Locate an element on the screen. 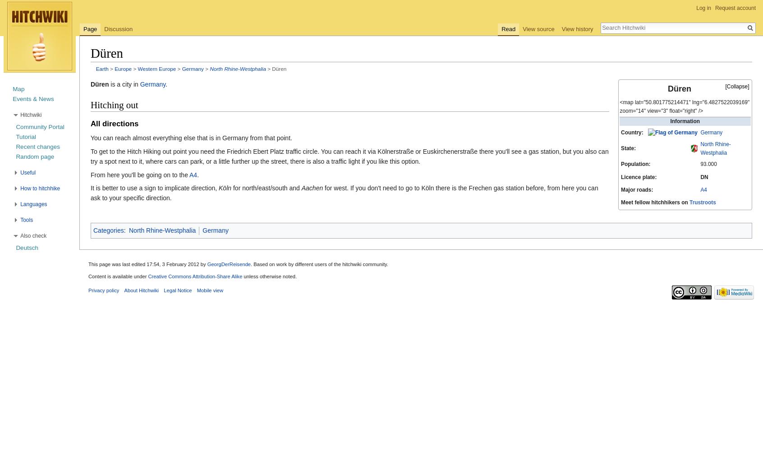 The width and height of the screenshot is (763, 451). 'Europe' is located at coordinates (123, 68).